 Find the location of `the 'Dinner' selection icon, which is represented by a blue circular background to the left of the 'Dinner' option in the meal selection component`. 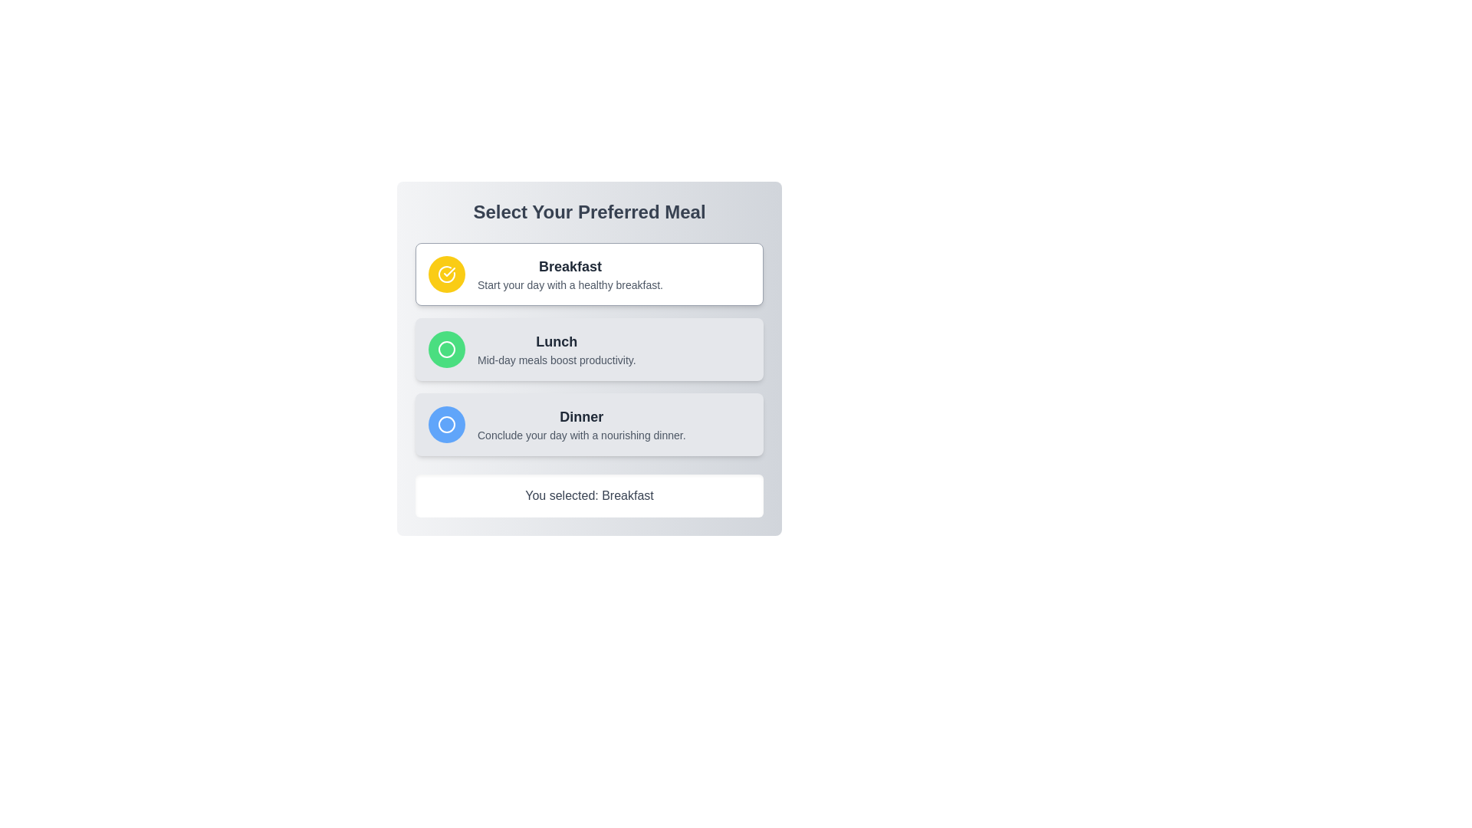

the 'Dinner' selection icon, which is represented by a blue circular background to the left of the 'Dinner' option in the meal selection component is located at coordinates (445, 425).